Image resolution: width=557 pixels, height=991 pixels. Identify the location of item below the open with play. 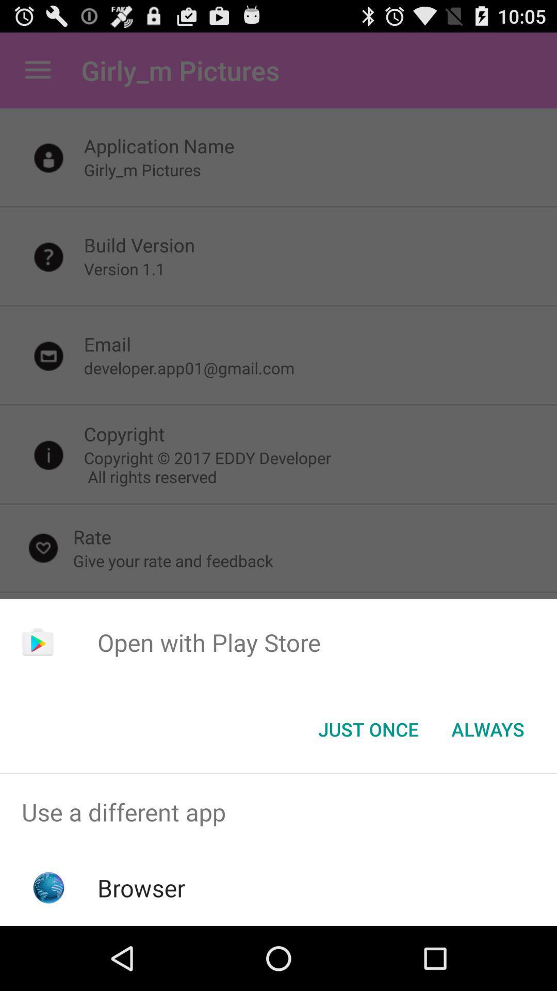
(487, 728).